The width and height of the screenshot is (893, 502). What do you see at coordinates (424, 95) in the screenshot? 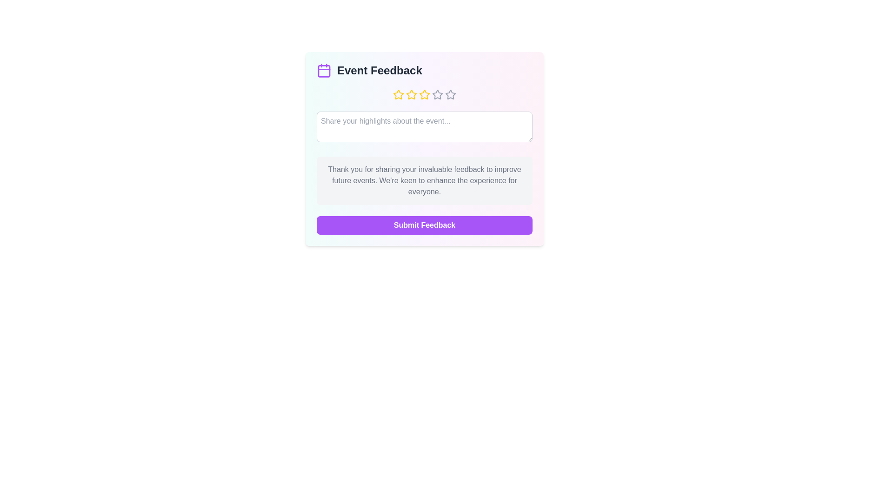
I see `the event rating to 3 stars by clicking on the corresponding star` at bounding box center [424, 95].